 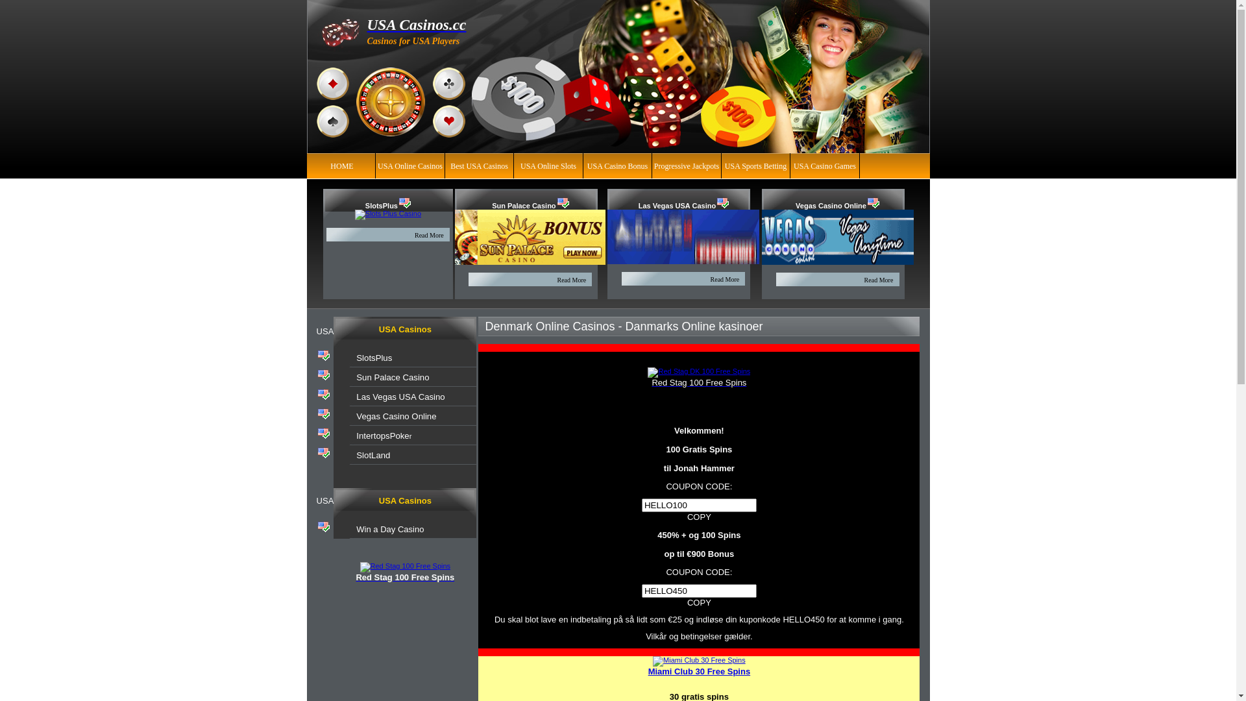 What do you see at coordinates (417, 25) in the screenshot?
I see `'USA Casinos.cc'` at bounding box center [417, 25].